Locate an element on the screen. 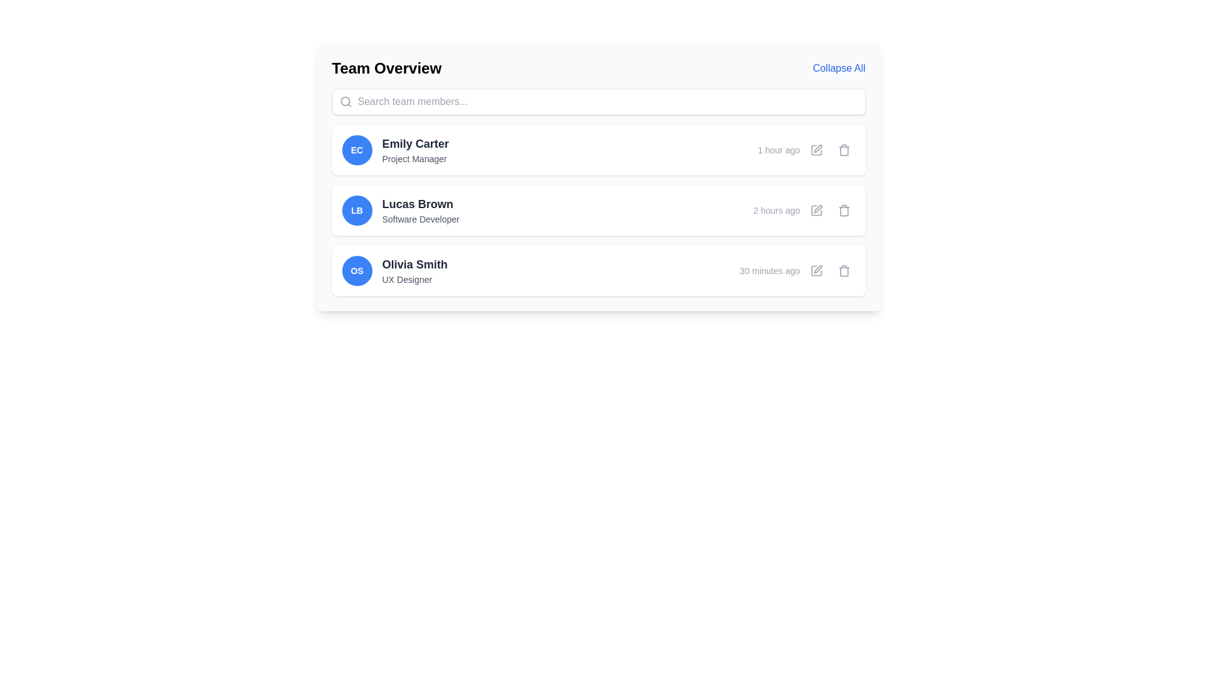  the circular Avatar badge with a blue background and white text displaying 'OS', which is the leftmost component in the row for user 'Olivia Smith, UX Designer' under the 'Team Overview' section is located at coordinates (356, 270).